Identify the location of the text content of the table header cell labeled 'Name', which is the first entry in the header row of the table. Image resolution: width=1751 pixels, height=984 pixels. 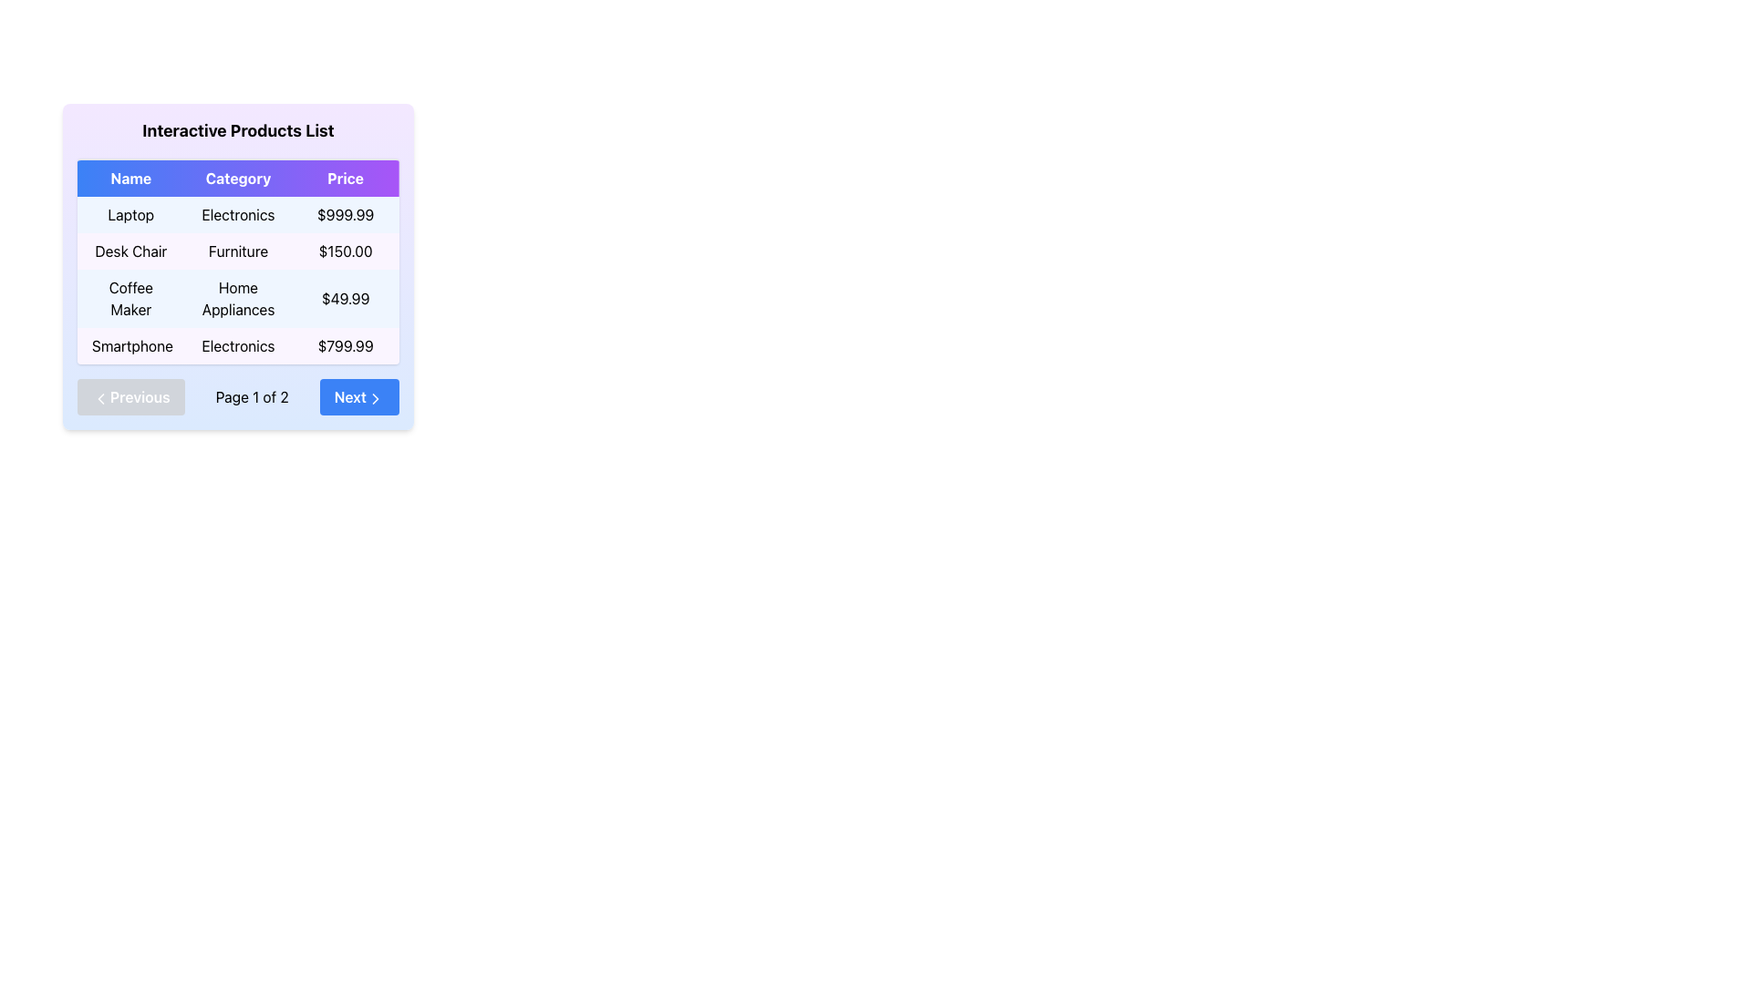
(130, 179).